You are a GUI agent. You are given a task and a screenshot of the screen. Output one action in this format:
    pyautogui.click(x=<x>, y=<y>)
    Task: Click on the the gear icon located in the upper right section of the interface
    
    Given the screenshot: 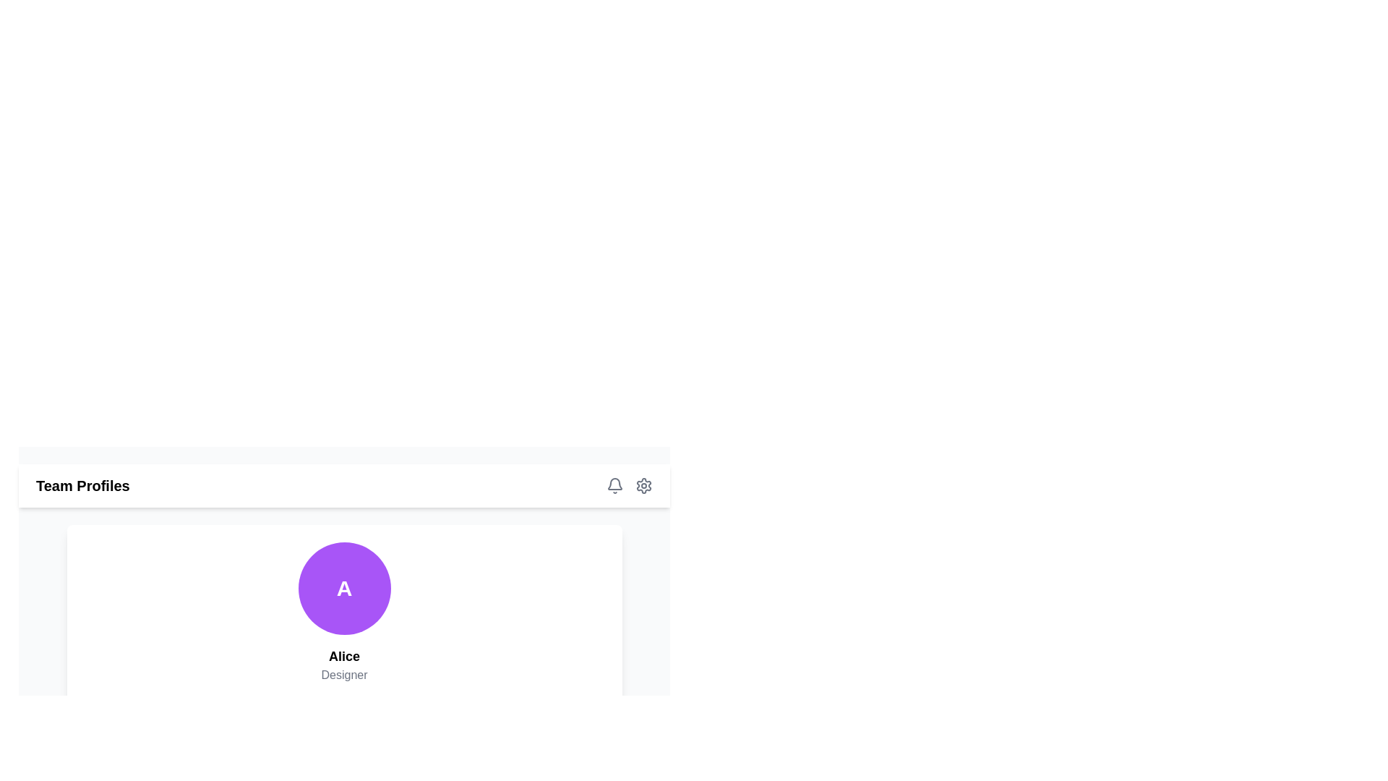 What is the action you would take?
    pyautogui.click(x=643, y=485)
    